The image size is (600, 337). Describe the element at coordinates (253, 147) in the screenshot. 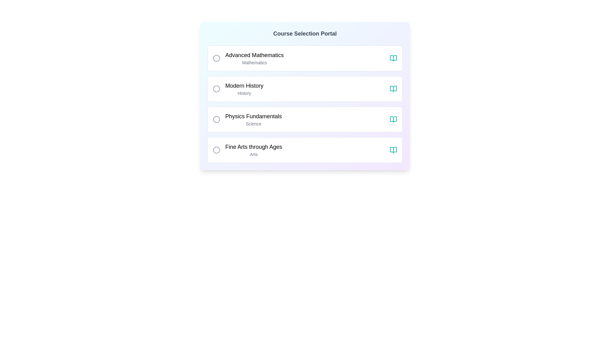

I see `the Text Label displaying the title of the associated course, which is positioned in the bottommost row of a list of course options under 'Fine Arts through Ages'` at that location.